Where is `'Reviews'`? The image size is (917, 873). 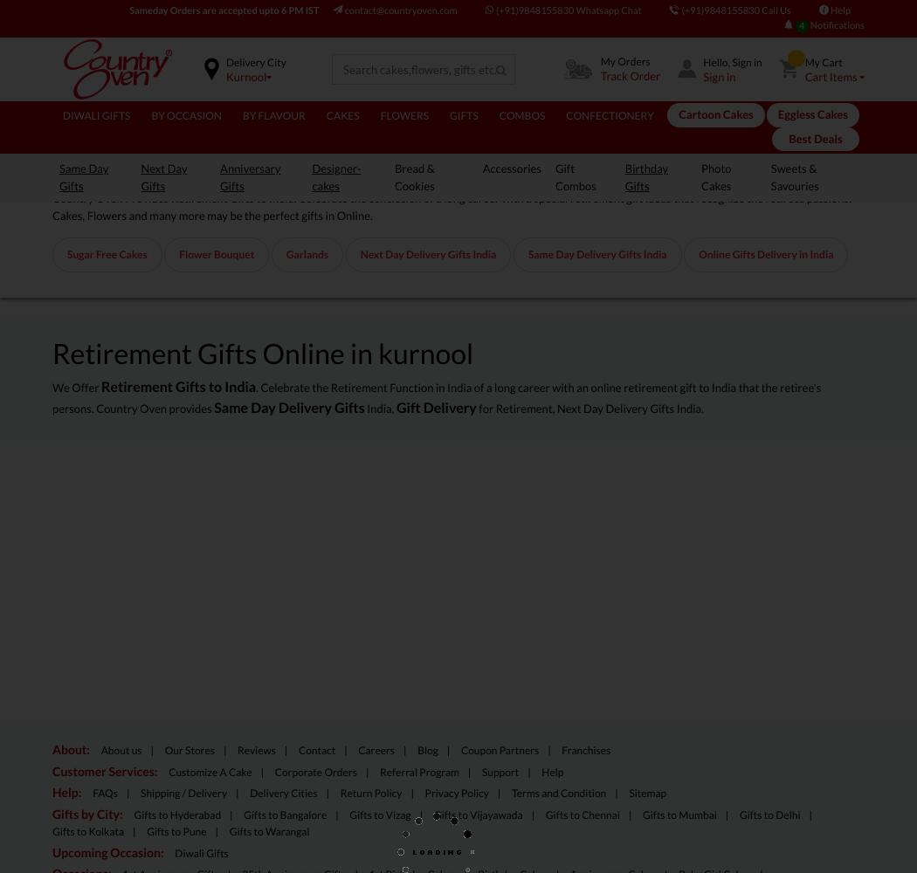 'Reviews' is located at coordinates (255, 749).